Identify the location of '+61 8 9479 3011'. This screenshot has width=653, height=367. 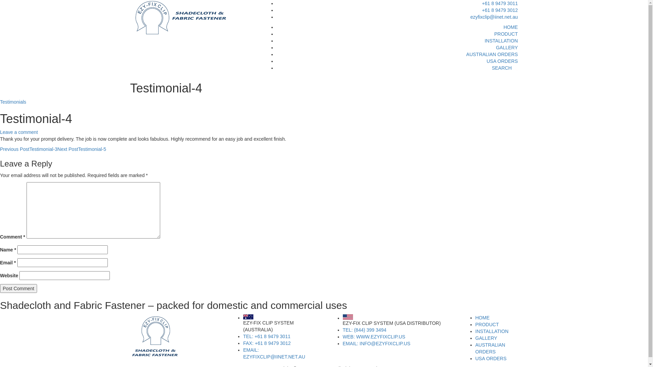
(500, 3).